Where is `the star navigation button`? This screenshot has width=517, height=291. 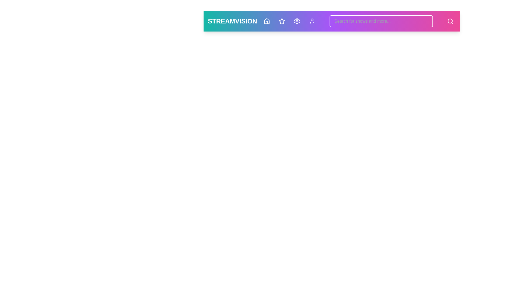 the star navigation button is located at coordinates (281, 21).